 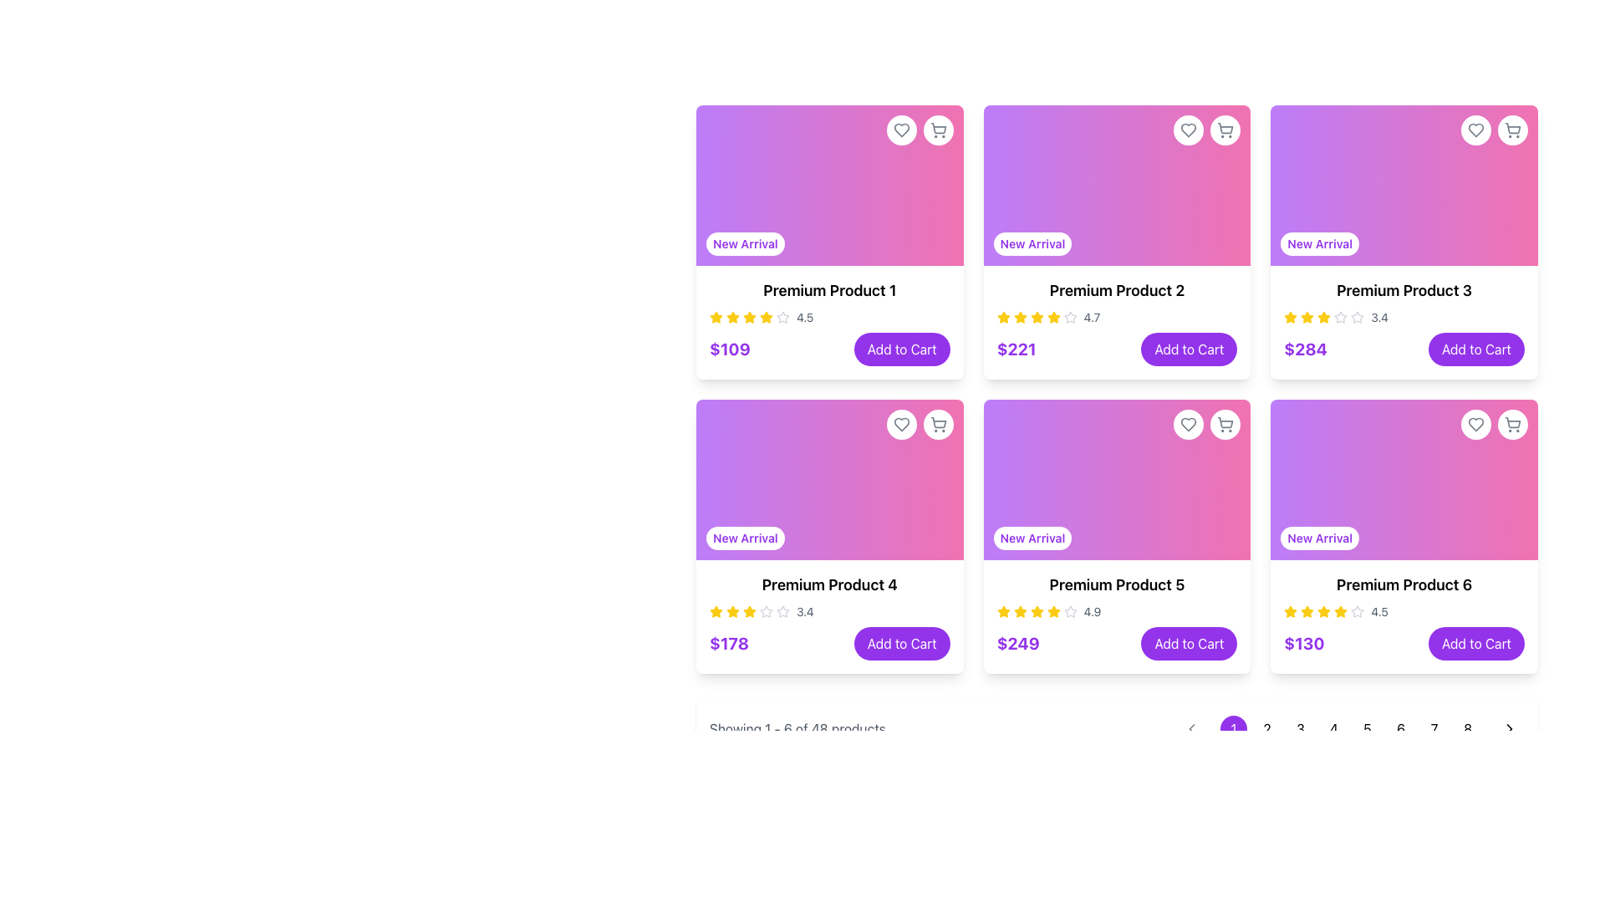 I want to click on rating value displayed in the text label showing '3.4', located to the right of the star icons in the third product card of the second row, so click(x=805, y=612).